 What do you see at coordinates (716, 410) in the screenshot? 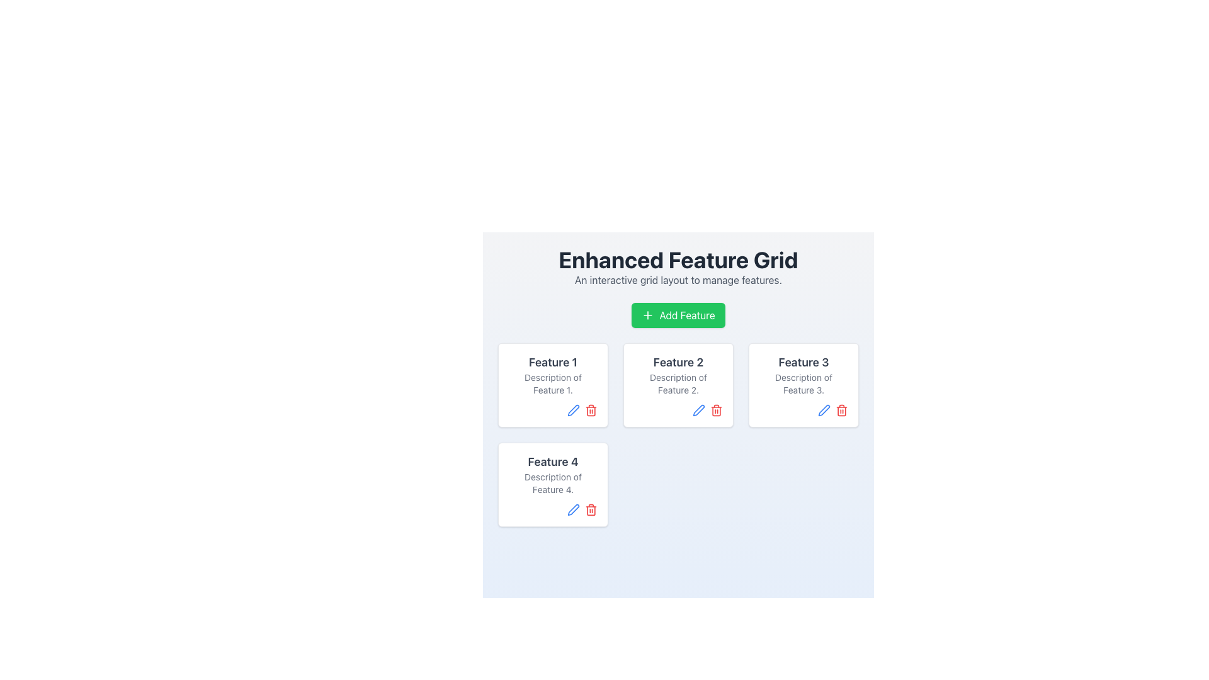
I see `the red trash icon button located at the bottom-right corner of the 'Feature 2' card` at bounding box center [716, 410].